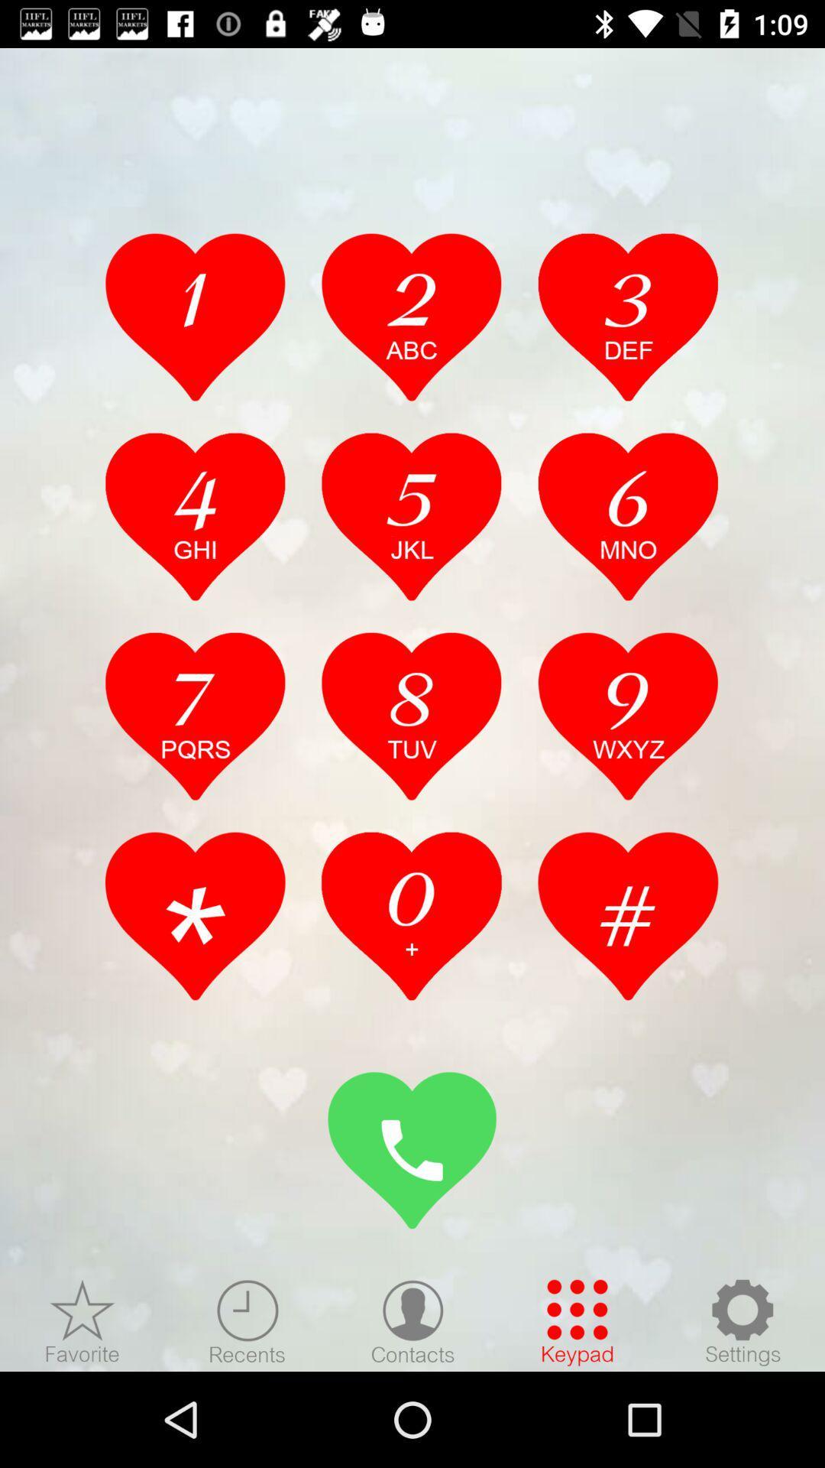 The height and width of the screenshot is (1468, 825). What do you see at coordinates (412, 1150) in the screenshot?
I see `stoggle number board` at bounding box center [412, 1150].